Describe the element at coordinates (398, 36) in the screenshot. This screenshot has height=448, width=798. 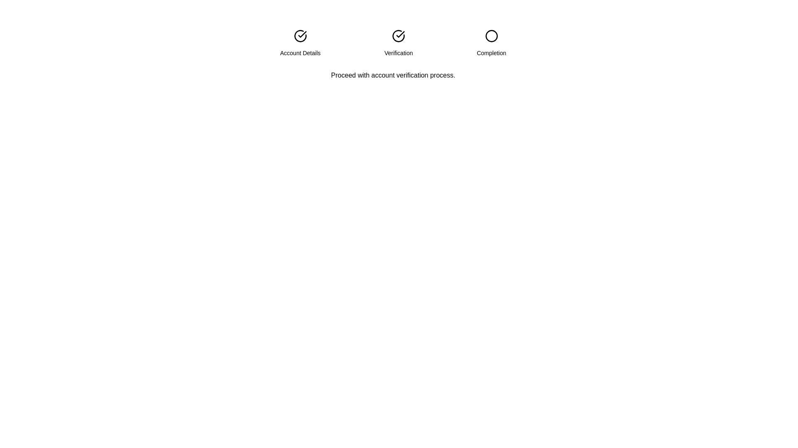
I see `the 'Verification' icon which is the second in a horizontal row of three icons, indicating the completion or progress of the verification step` at that location.